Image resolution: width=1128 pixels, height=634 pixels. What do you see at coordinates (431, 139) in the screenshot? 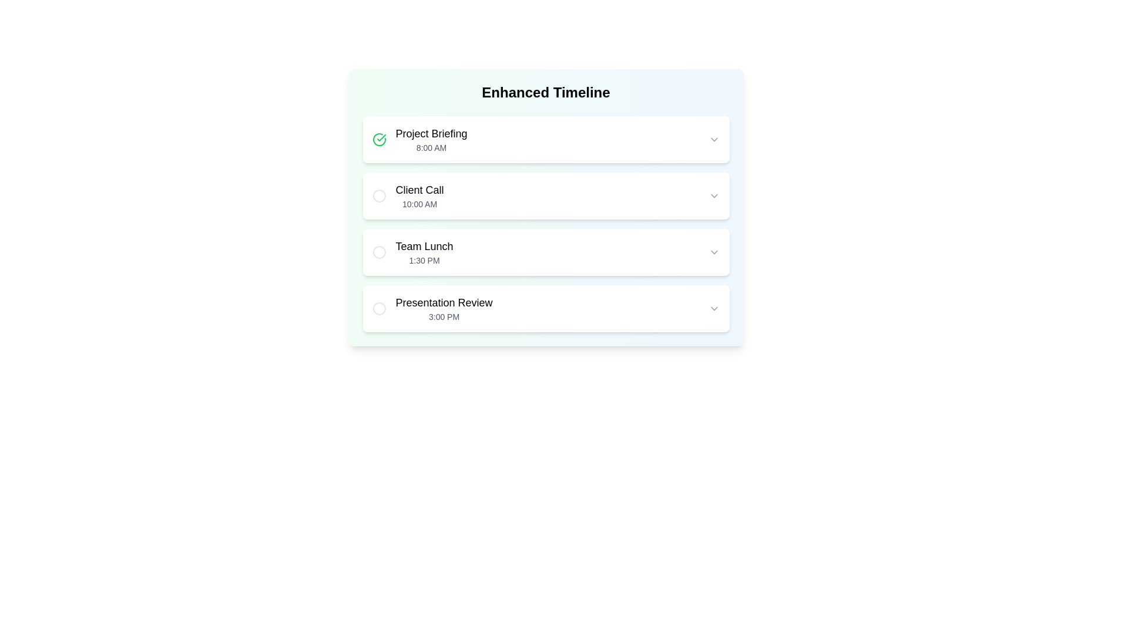
I see `the text block that serves as a label for the scheduled event` at bounding box center [431, 139].